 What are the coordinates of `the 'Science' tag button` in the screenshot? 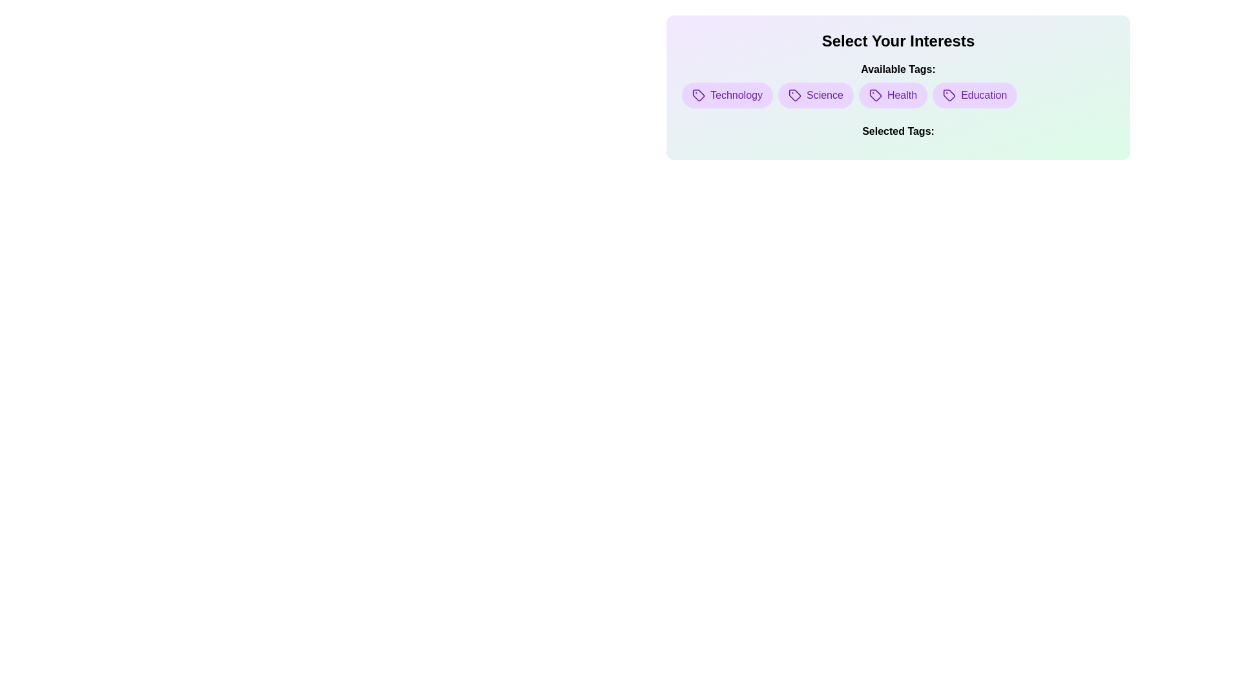 It's located at (815, 94).